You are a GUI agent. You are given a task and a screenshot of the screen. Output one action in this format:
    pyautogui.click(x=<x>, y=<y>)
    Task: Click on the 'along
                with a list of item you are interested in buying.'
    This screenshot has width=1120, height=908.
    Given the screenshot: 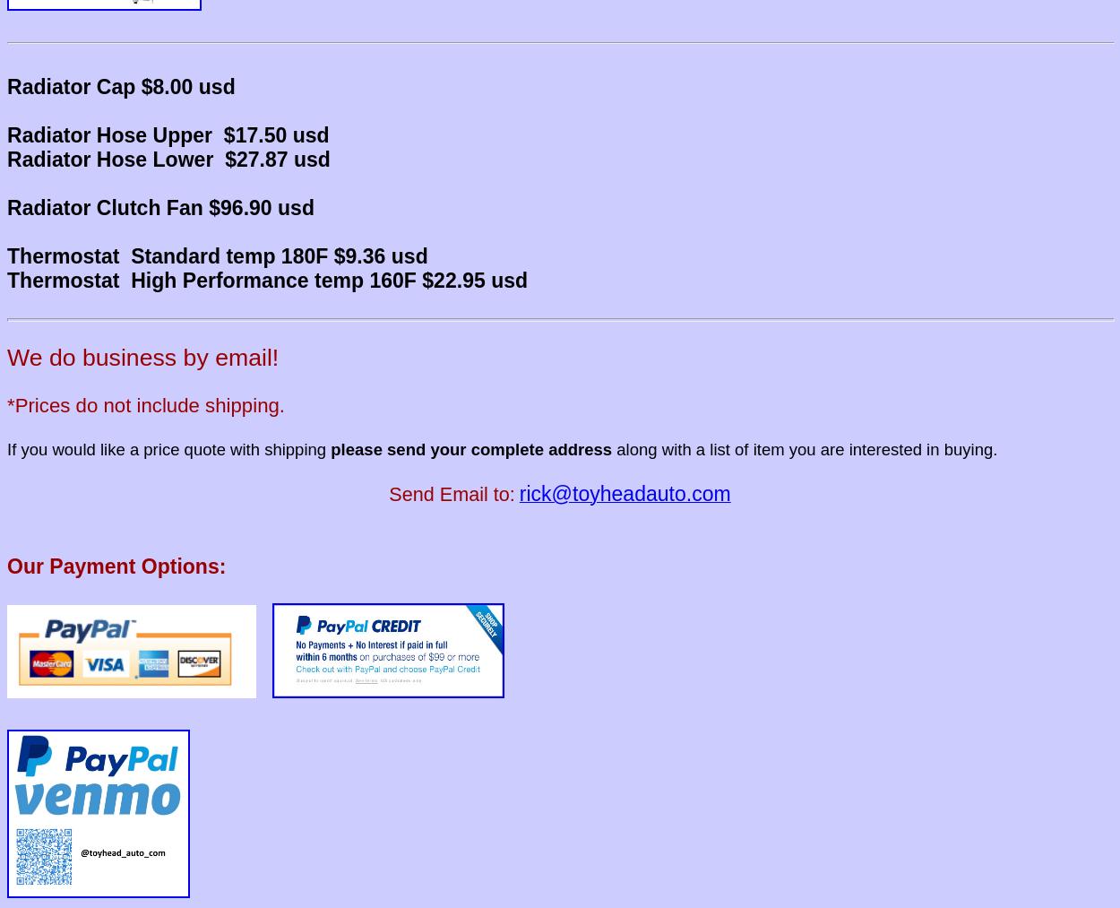 What is the action you would take?
    pyautogui.click(x=806, y=447)
    